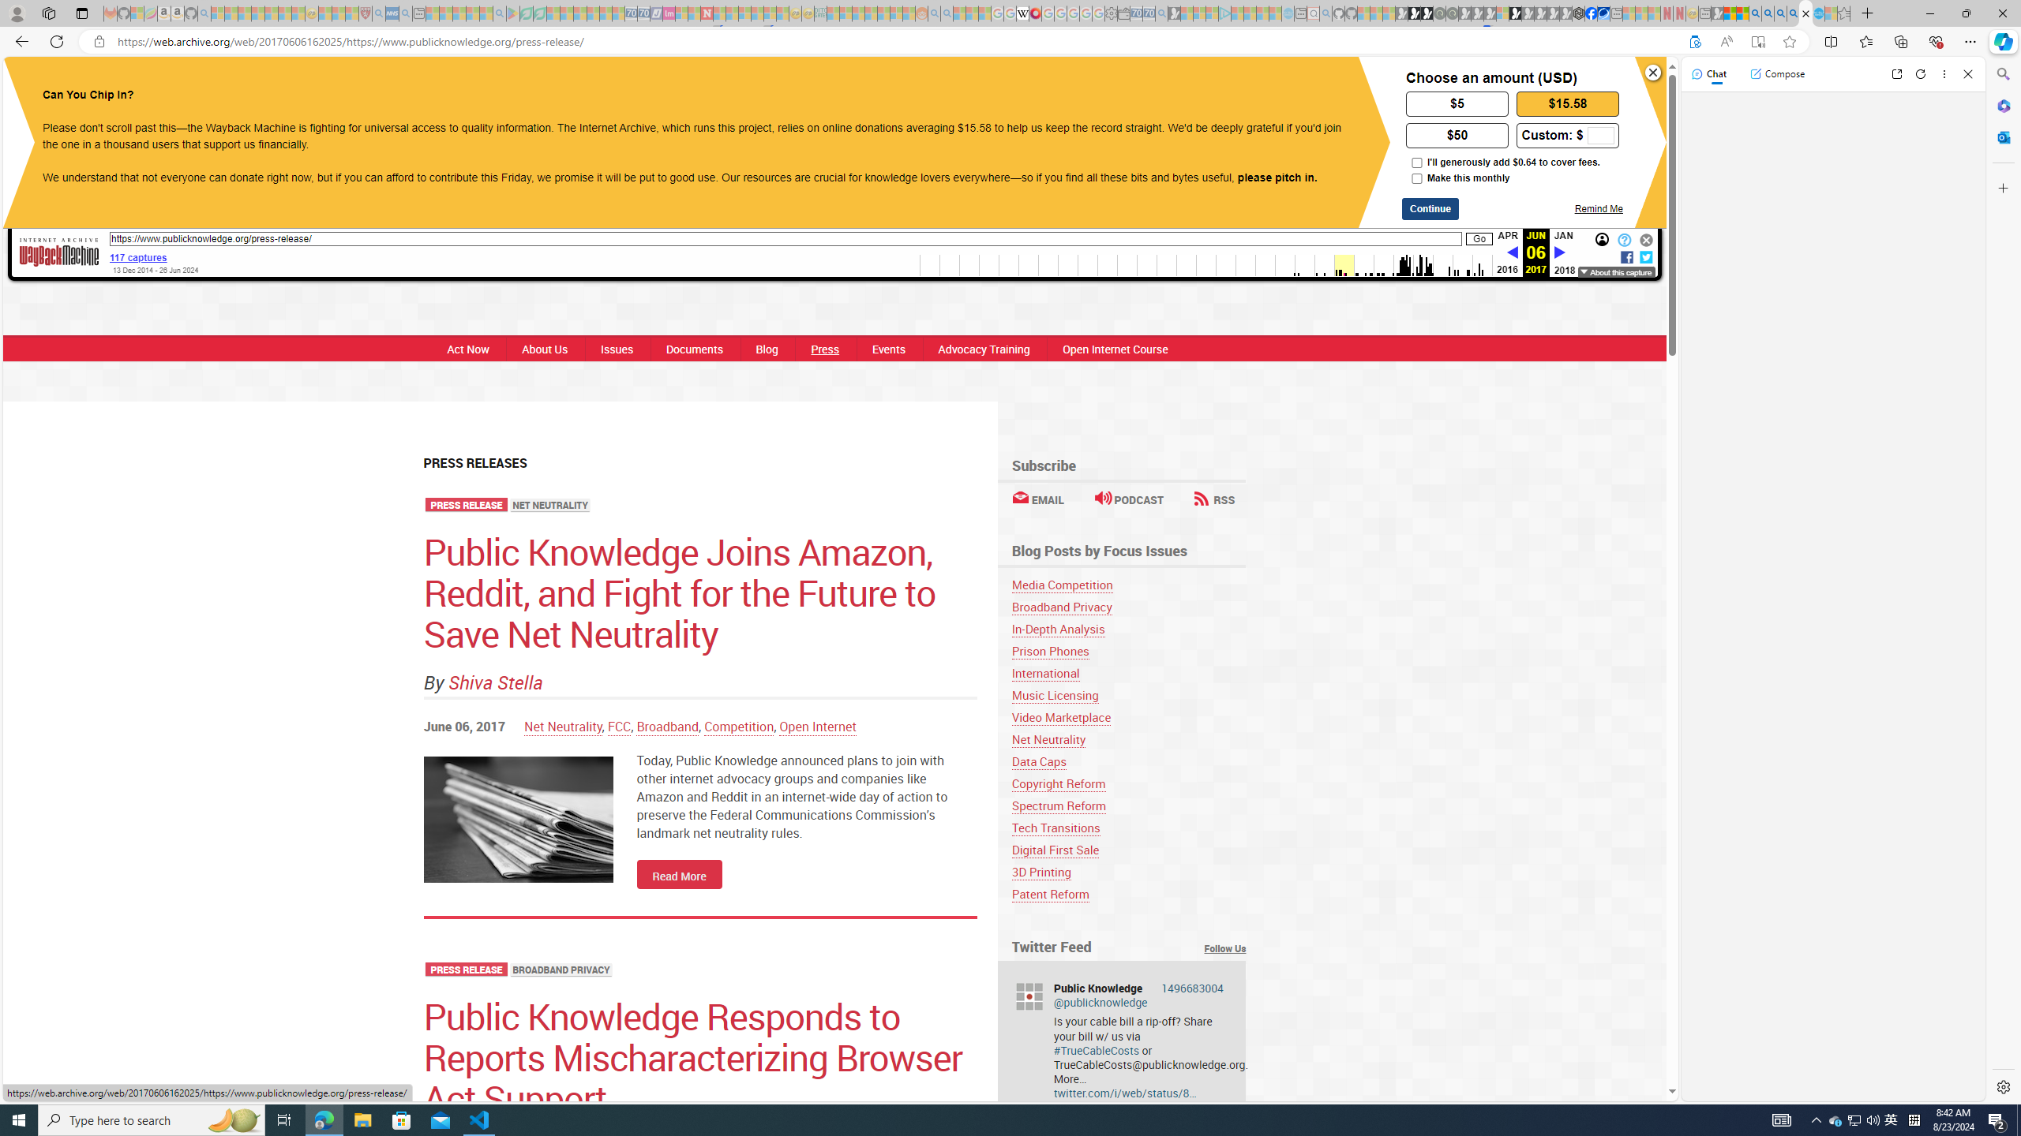  I want to click on '3D Printing', so click(1040, 871).